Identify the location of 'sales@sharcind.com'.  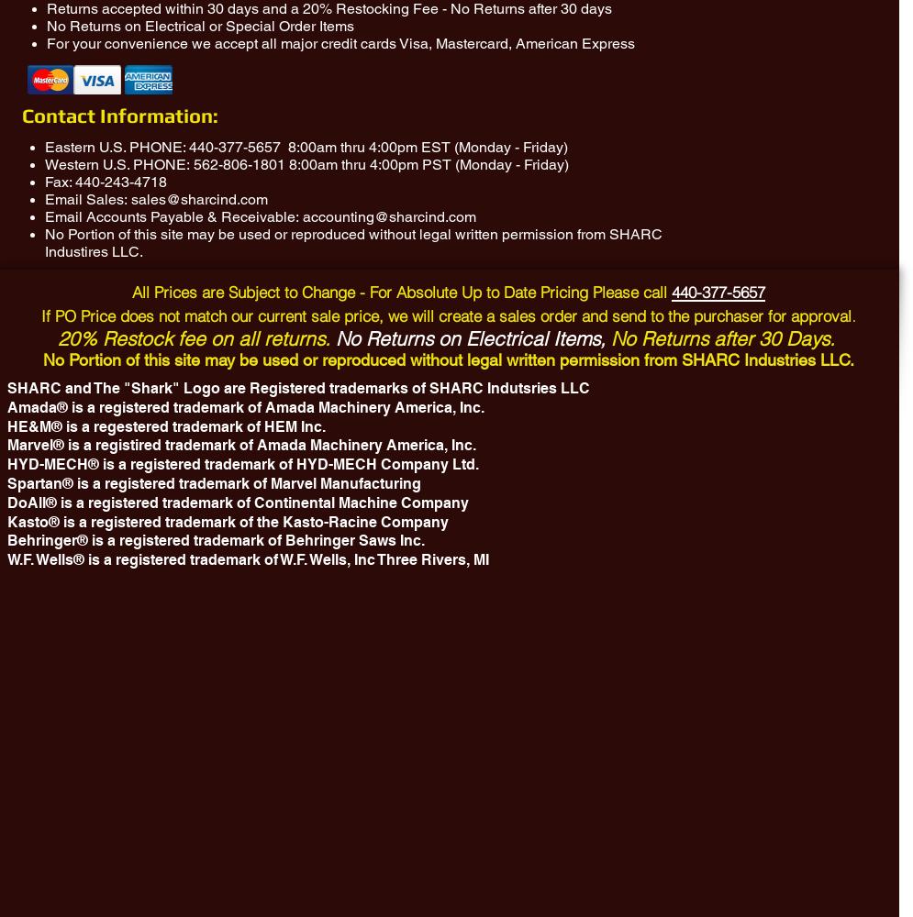
(198, 198).